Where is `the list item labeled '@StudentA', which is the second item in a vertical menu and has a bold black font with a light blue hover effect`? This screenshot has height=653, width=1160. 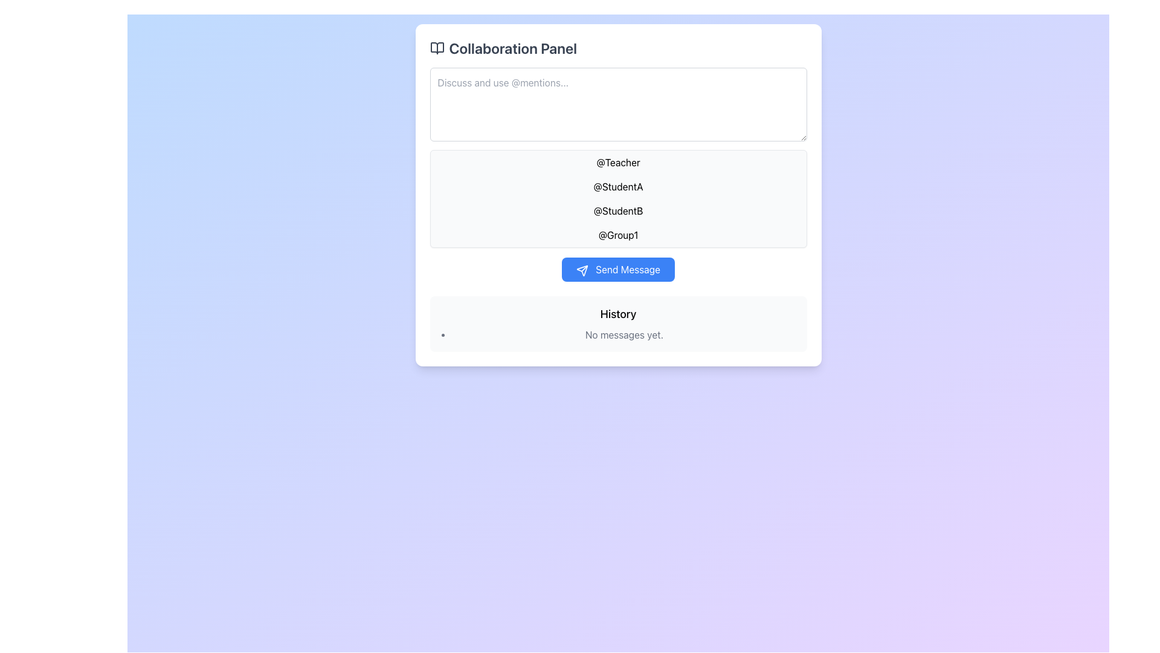 the list item labeled '@StudentA', which is the second item in a vertical menu and has a bold black font with a light blue hover effect is located at coordinates (618, 186).